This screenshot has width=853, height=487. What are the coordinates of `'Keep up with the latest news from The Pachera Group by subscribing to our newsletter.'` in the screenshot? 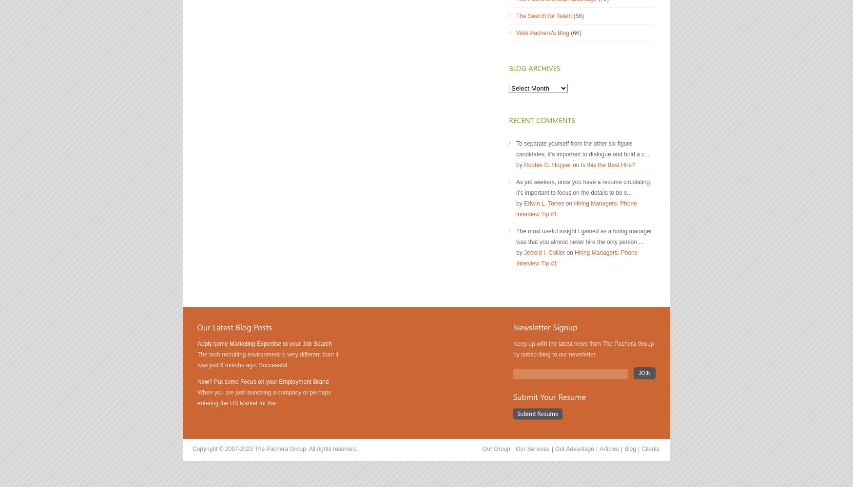 It's located at (583, 349).